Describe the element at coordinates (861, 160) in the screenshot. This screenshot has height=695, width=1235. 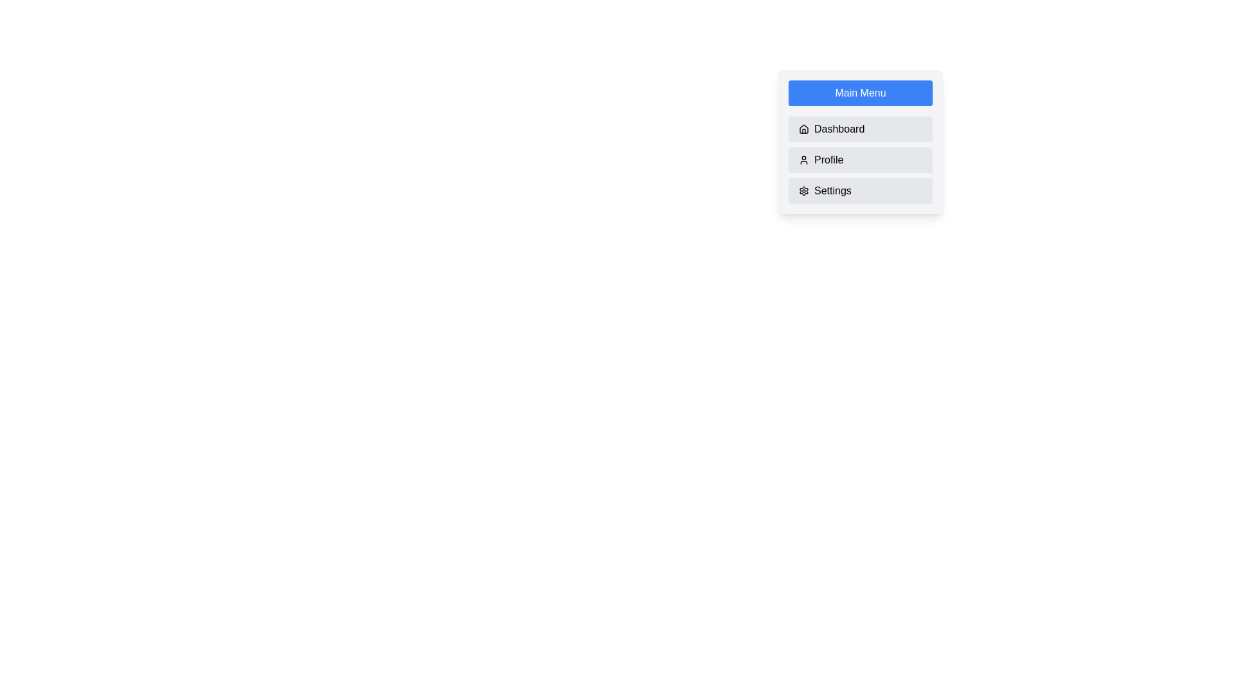
I see `the 'Profile' button in the menu` at that location.